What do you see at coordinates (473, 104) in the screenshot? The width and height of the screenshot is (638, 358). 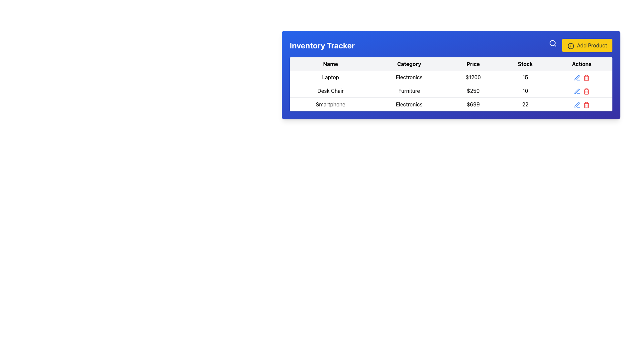 I see `the price label displaying the price of the 'Smartphone' in the inventory table, located in the Price column and third position from the left` at bounding box center [473, 104].